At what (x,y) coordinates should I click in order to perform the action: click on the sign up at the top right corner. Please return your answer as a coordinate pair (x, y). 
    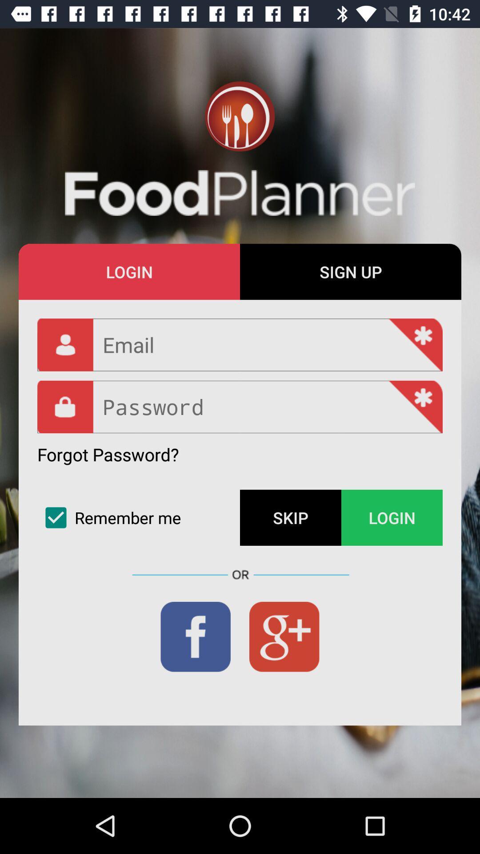
    Looking at the image, I should click on (350, 271).